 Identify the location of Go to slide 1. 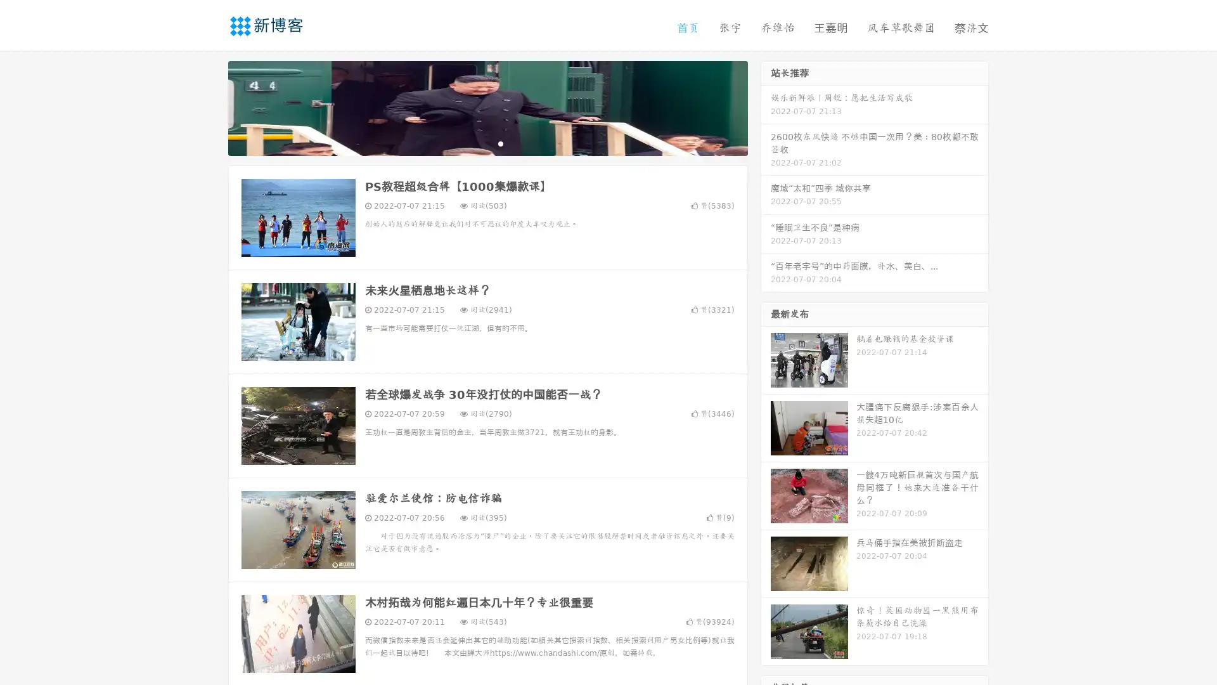
(474, 143).